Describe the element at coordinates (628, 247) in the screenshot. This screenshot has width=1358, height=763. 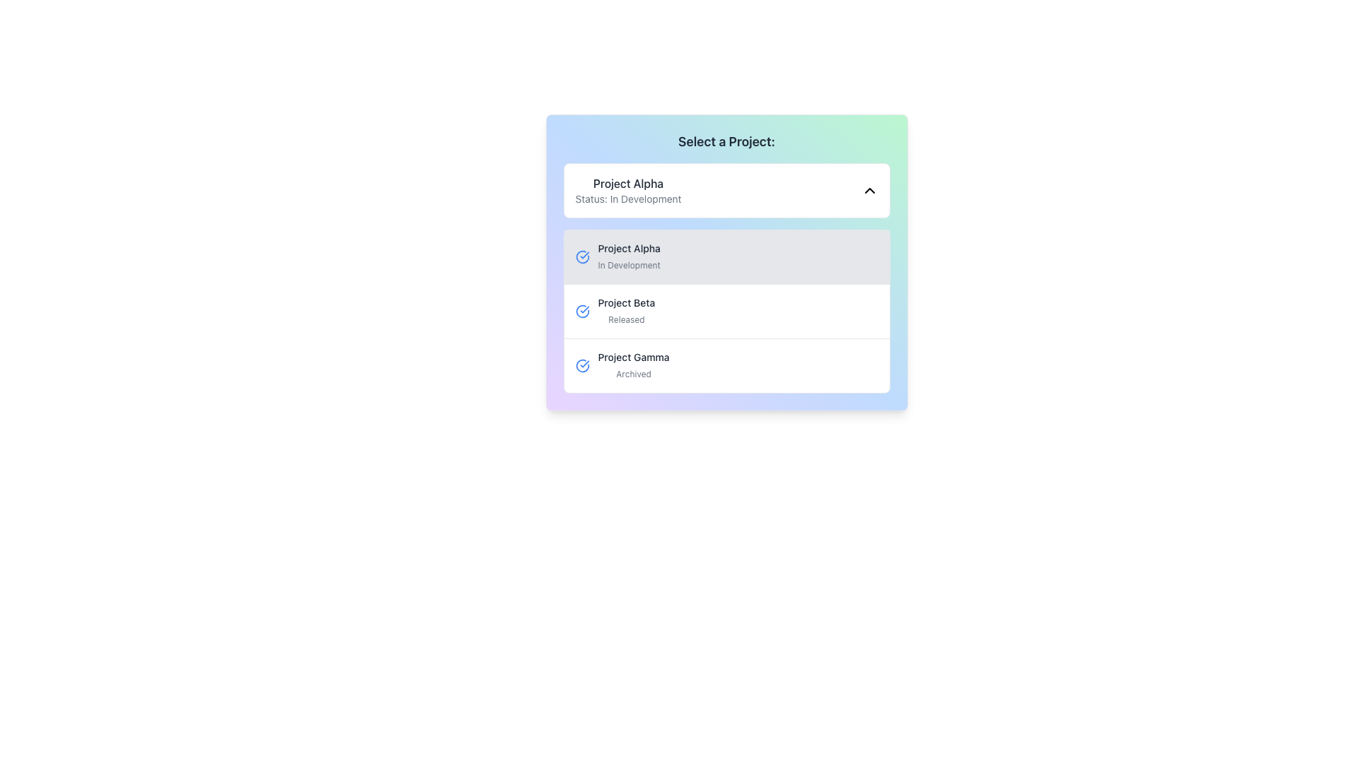
I see `text of the primary title text label displaying 'Project Alpha', which is styled in medium-weight dark gray font and located in the top section of the first row of the list item` at that location.